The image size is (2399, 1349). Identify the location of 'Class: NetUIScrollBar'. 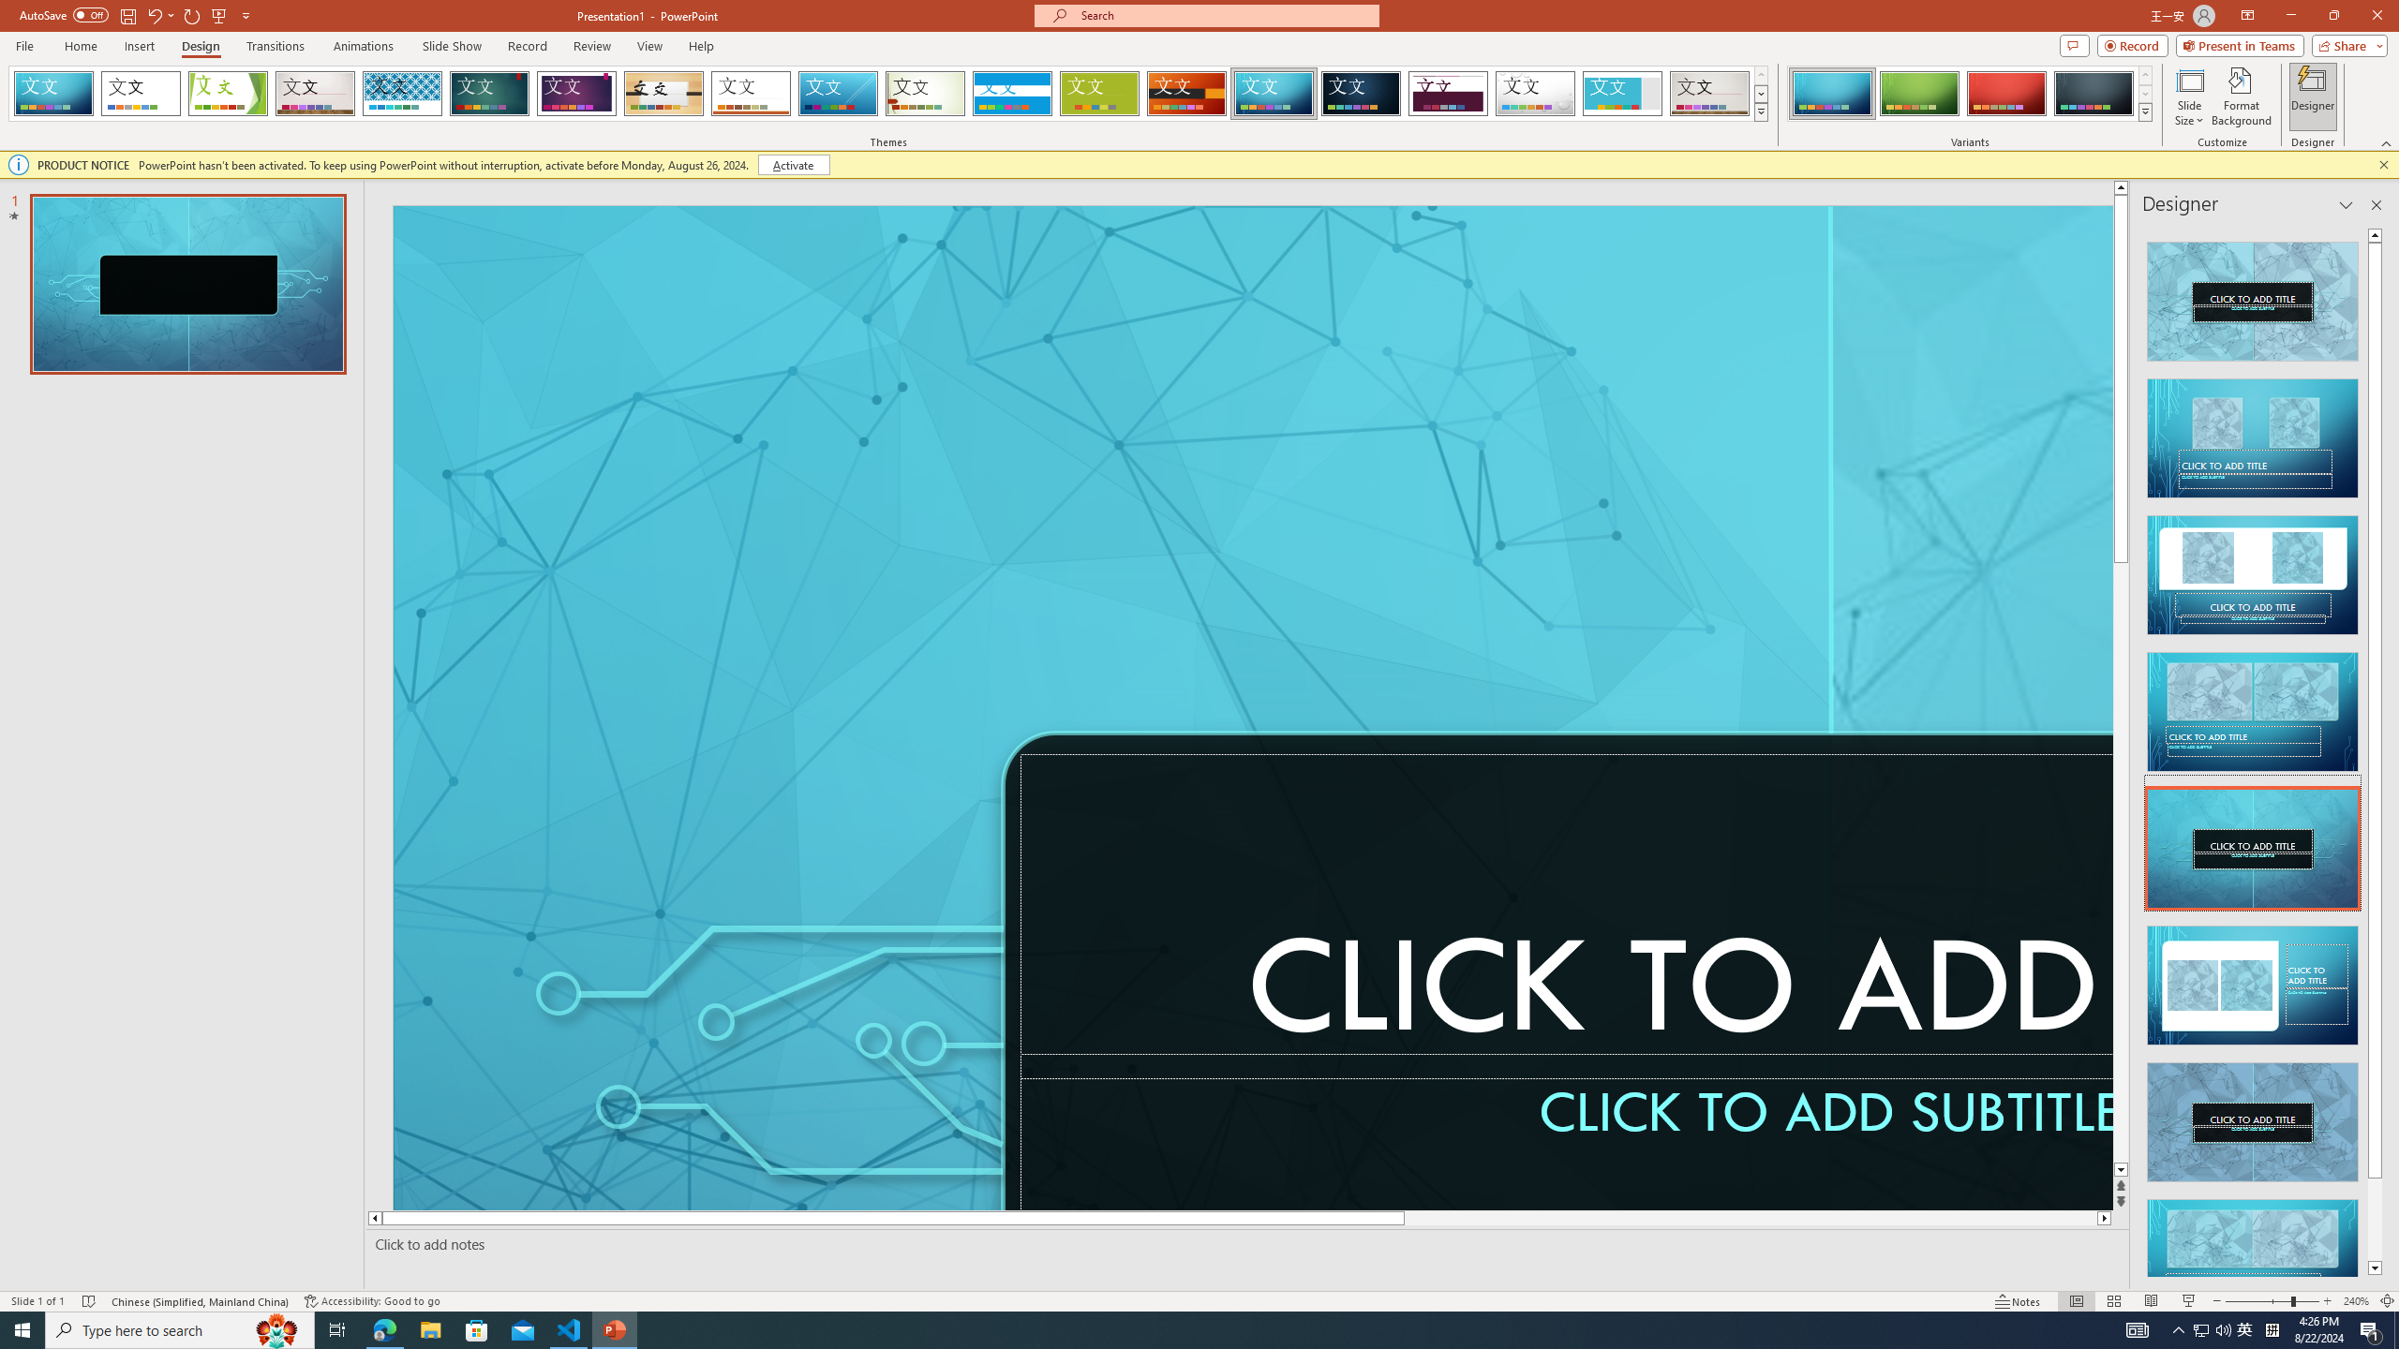
(2374, 750).